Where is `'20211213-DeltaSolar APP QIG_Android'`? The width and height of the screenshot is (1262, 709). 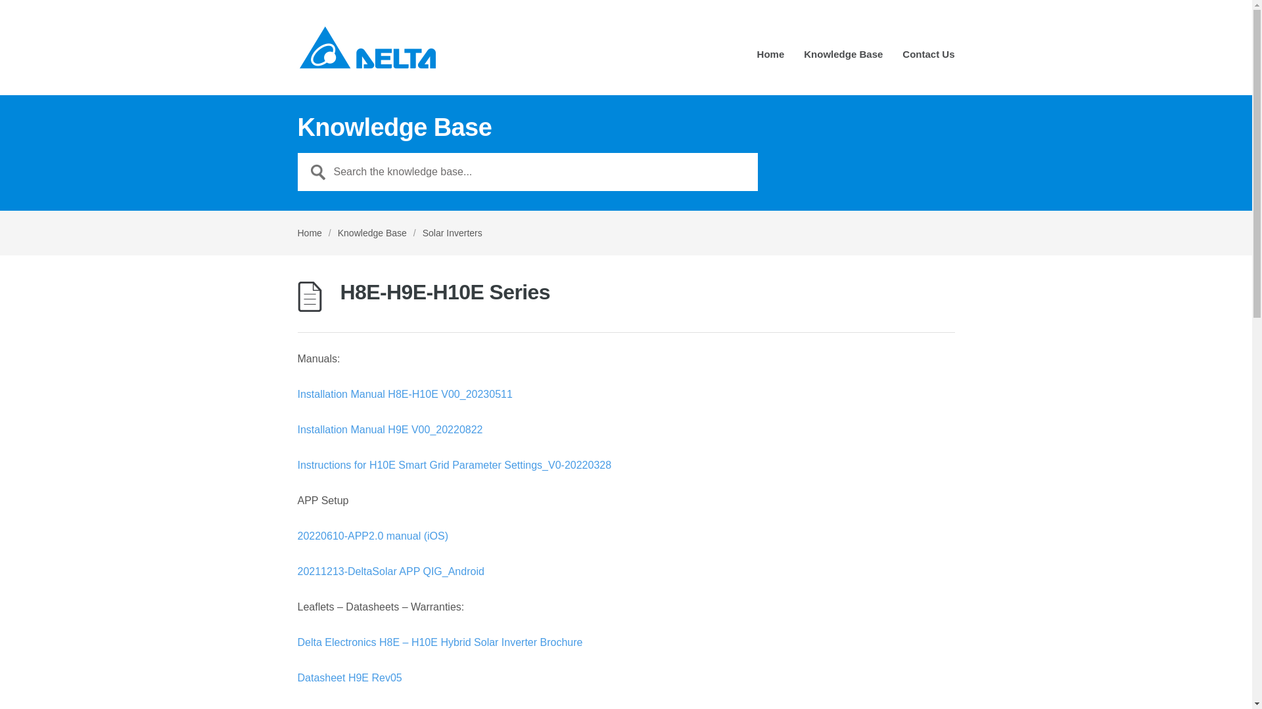
'20211213-DeltaSolar APP QIG_Android' is located at coordinates (390, 570).